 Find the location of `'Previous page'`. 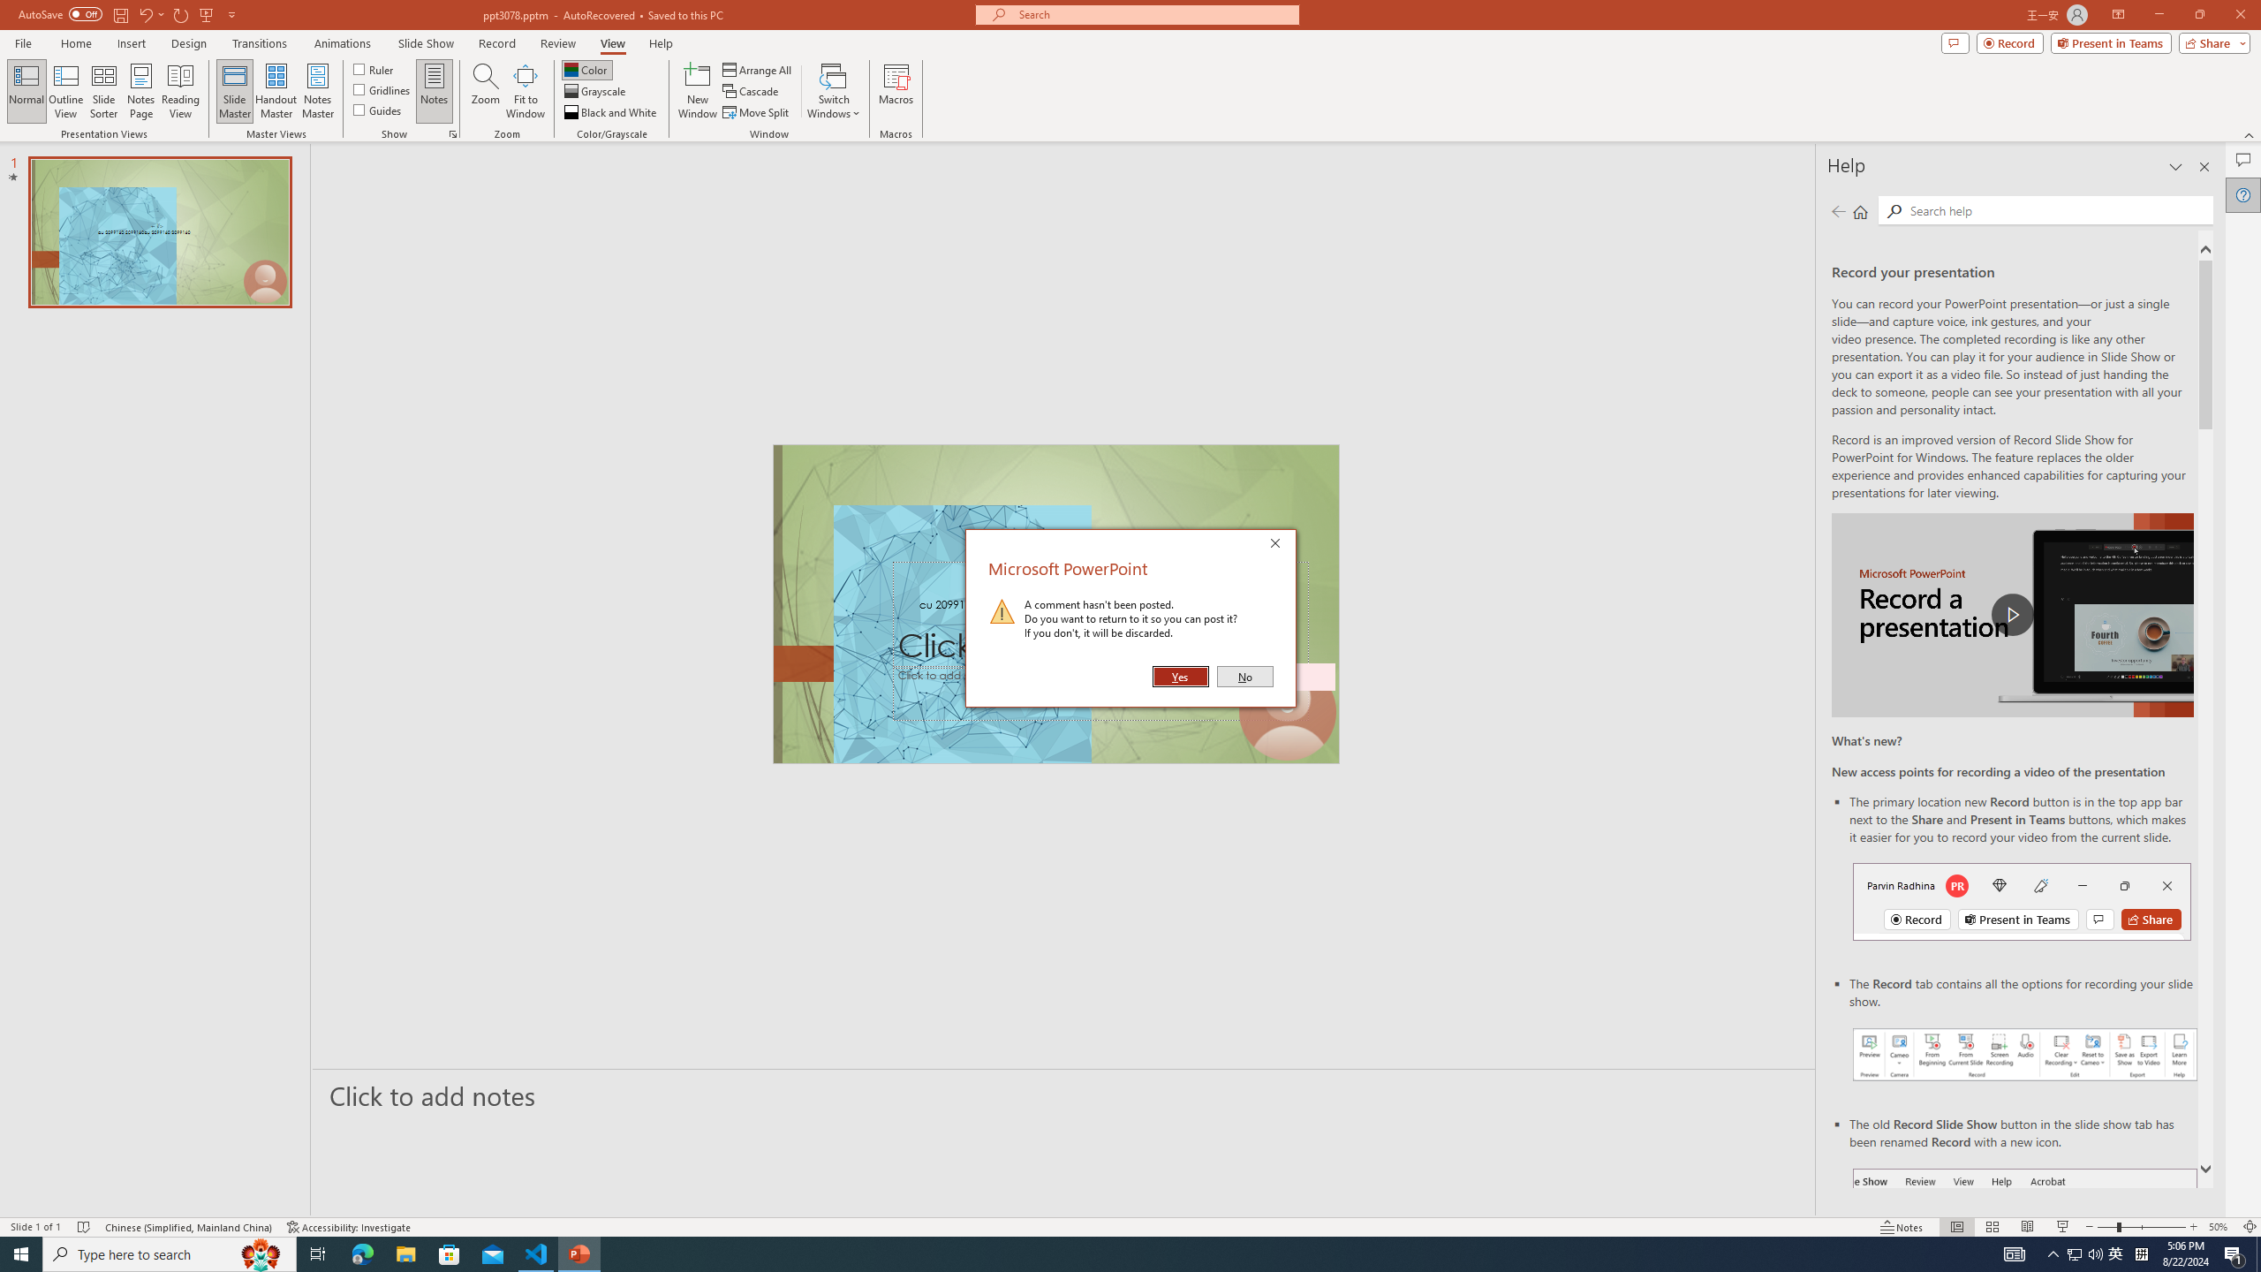

'Previous page' is located at coordinates (1837, 210).